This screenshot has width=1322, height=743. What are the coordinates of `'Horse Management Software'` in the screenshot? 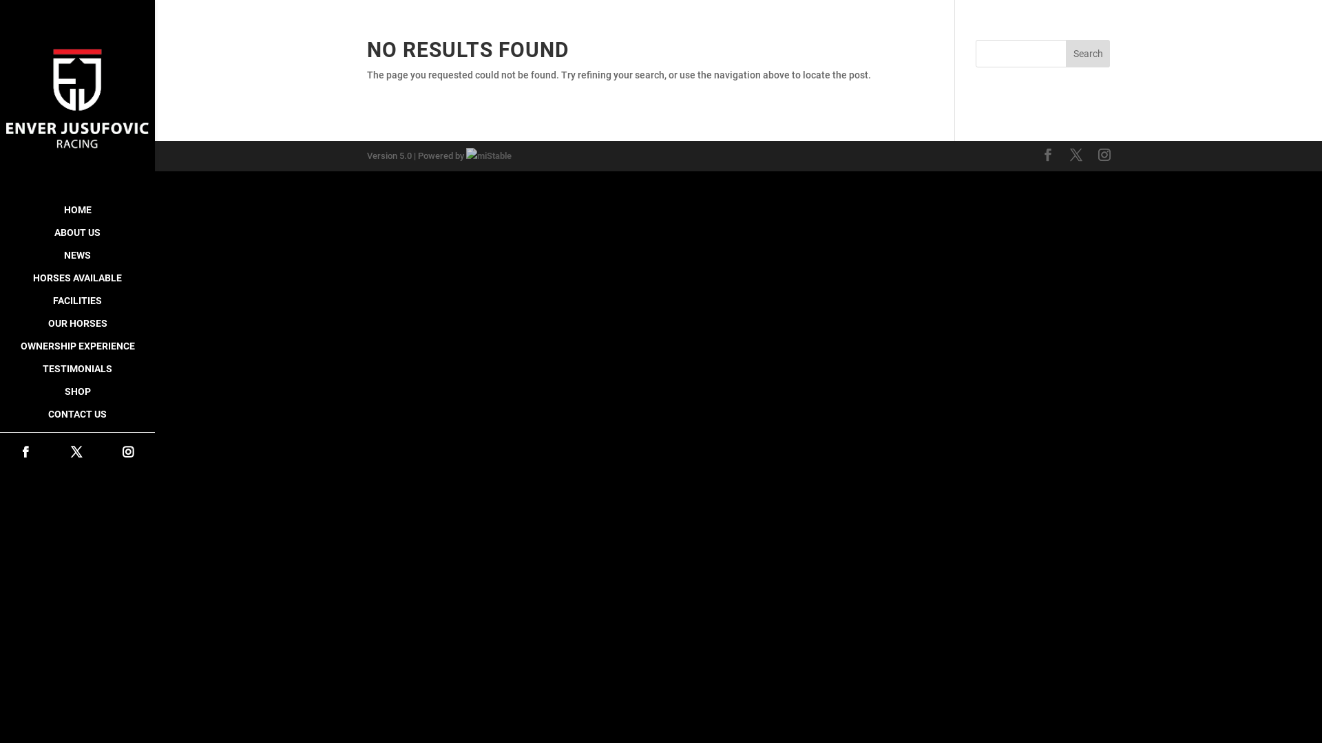 It's located at (488, 155).